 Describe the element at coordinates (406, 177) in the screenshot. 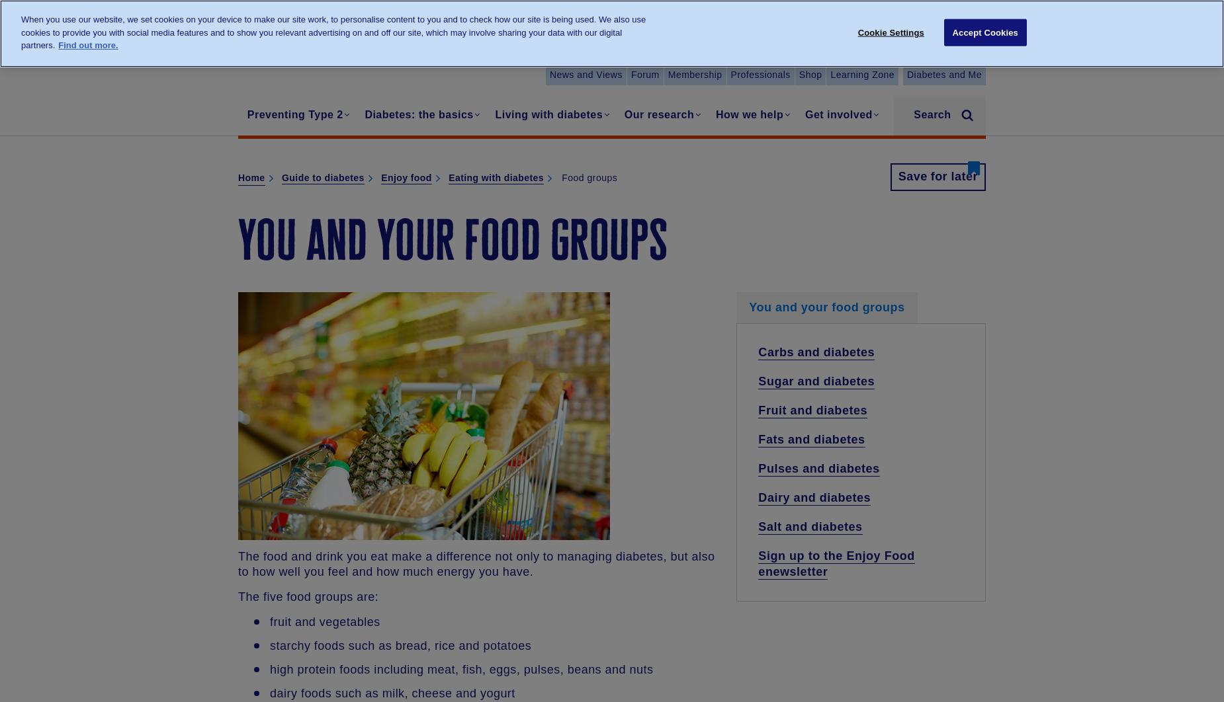

I see `'Enjoy food'` at that location.